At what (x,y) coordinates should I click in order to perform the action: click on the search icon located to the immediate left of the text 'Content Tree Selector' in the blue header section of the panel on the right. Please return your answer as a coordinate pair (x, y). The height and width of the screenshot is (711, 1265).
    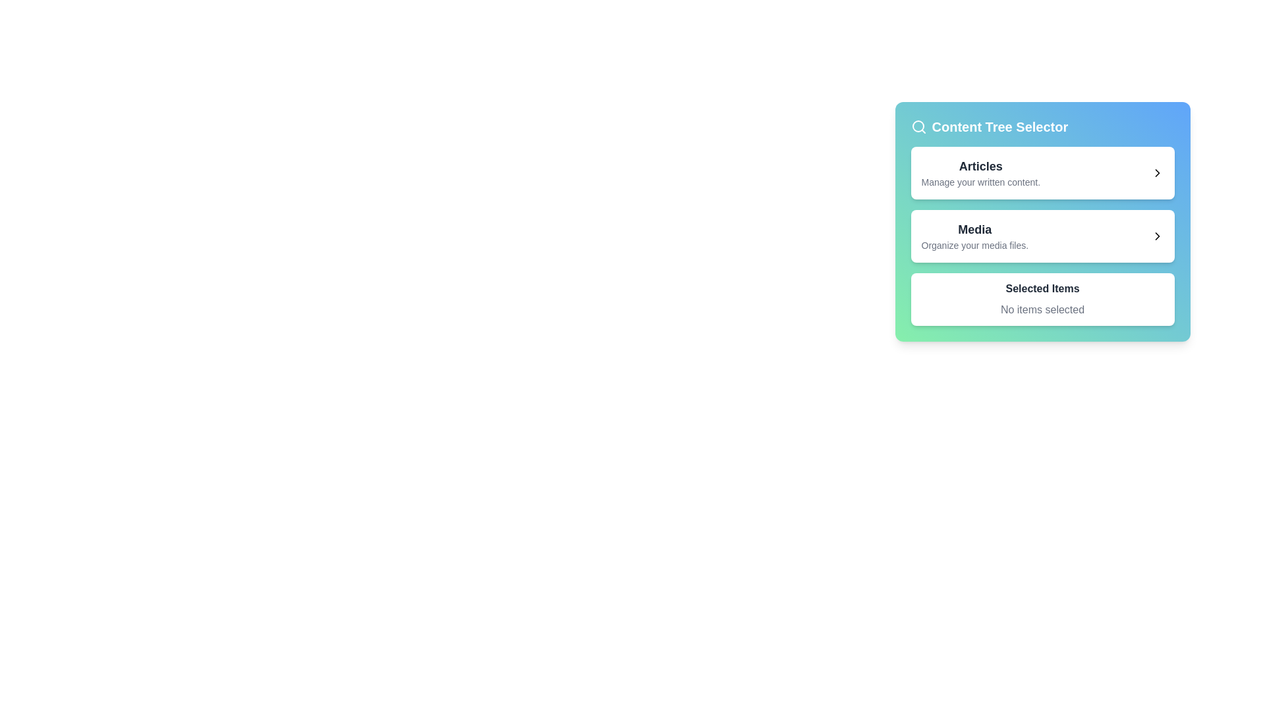
    Looking at the image, I should click on (918, 126).